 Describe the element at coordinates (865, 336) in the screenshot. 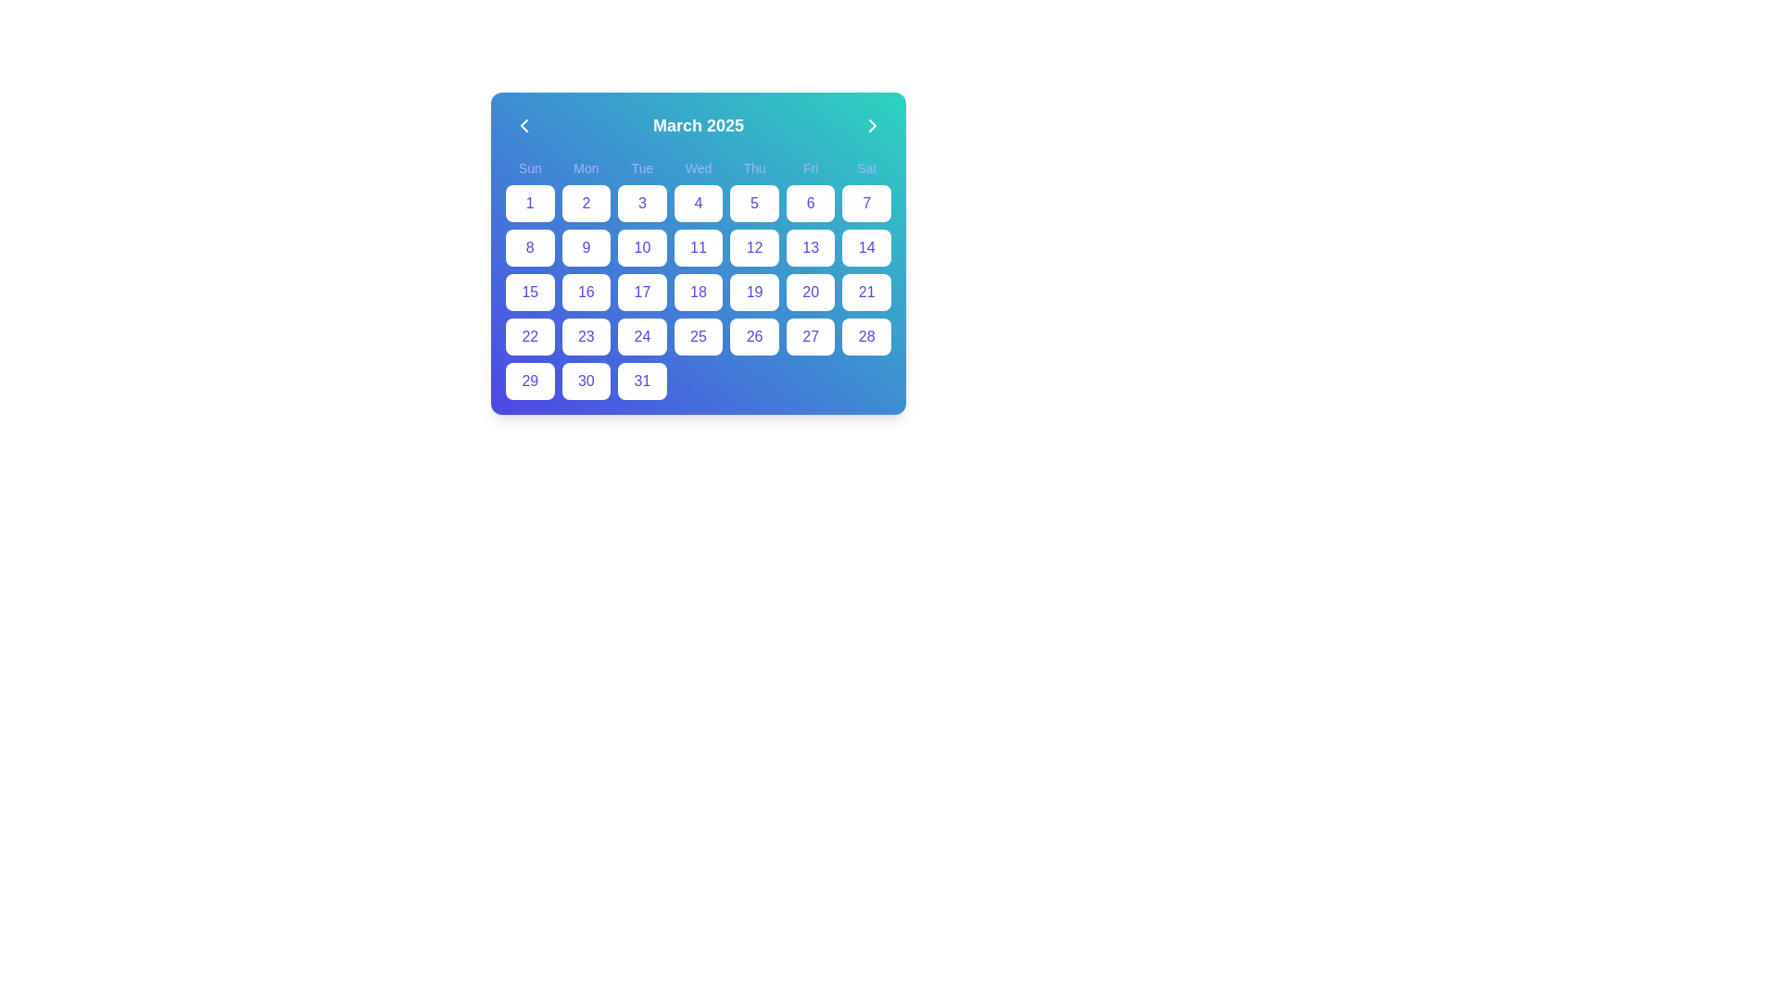

I see `the button displaying the number '28' in bold indigo text, located in the final column of the fifth row under the 'Sat' header, for keyboard interaction` at that location.